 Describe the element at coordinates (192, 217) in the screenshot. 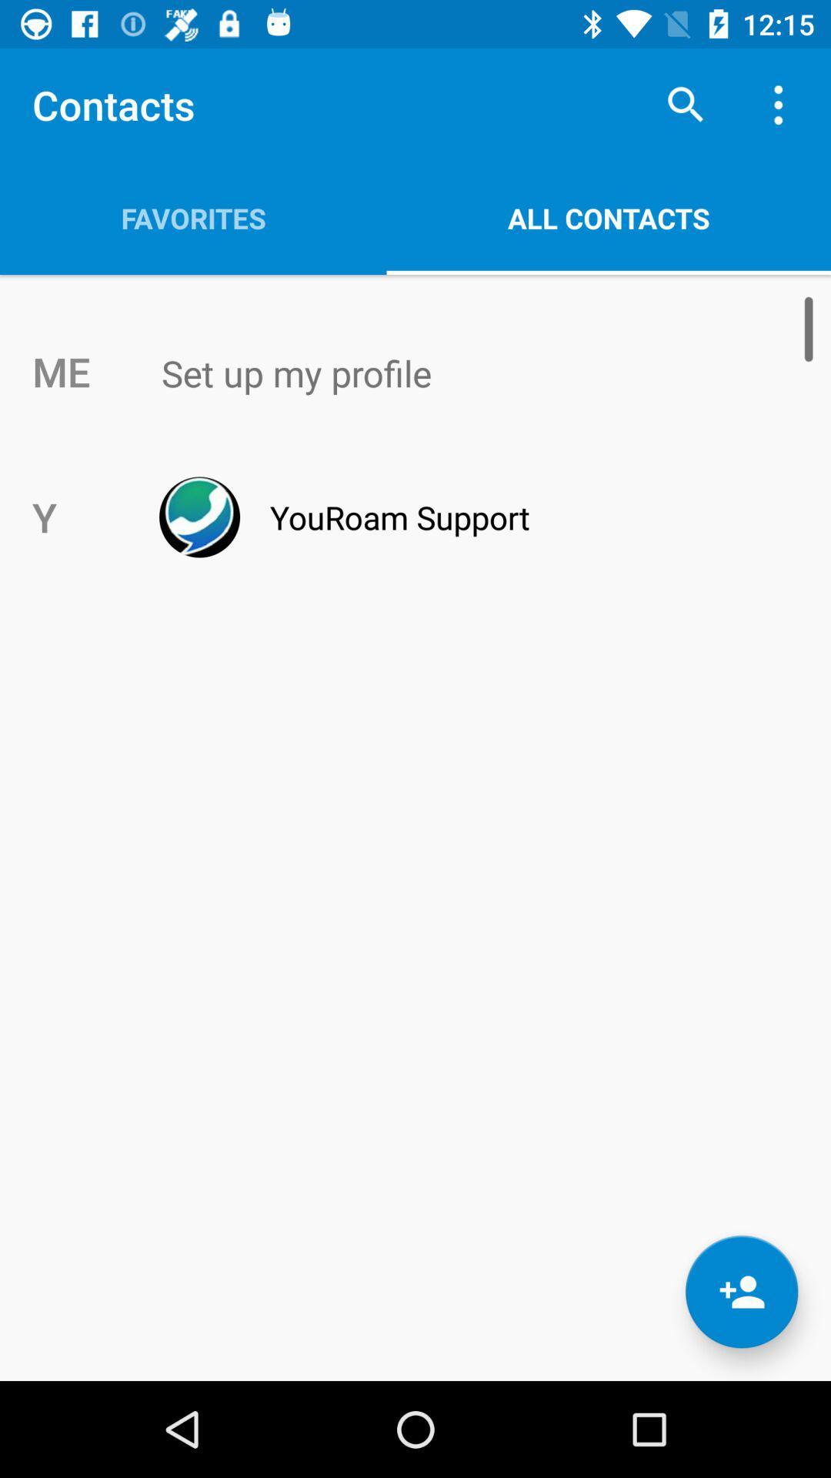

I see `item to the left of all contacts app` at that location.